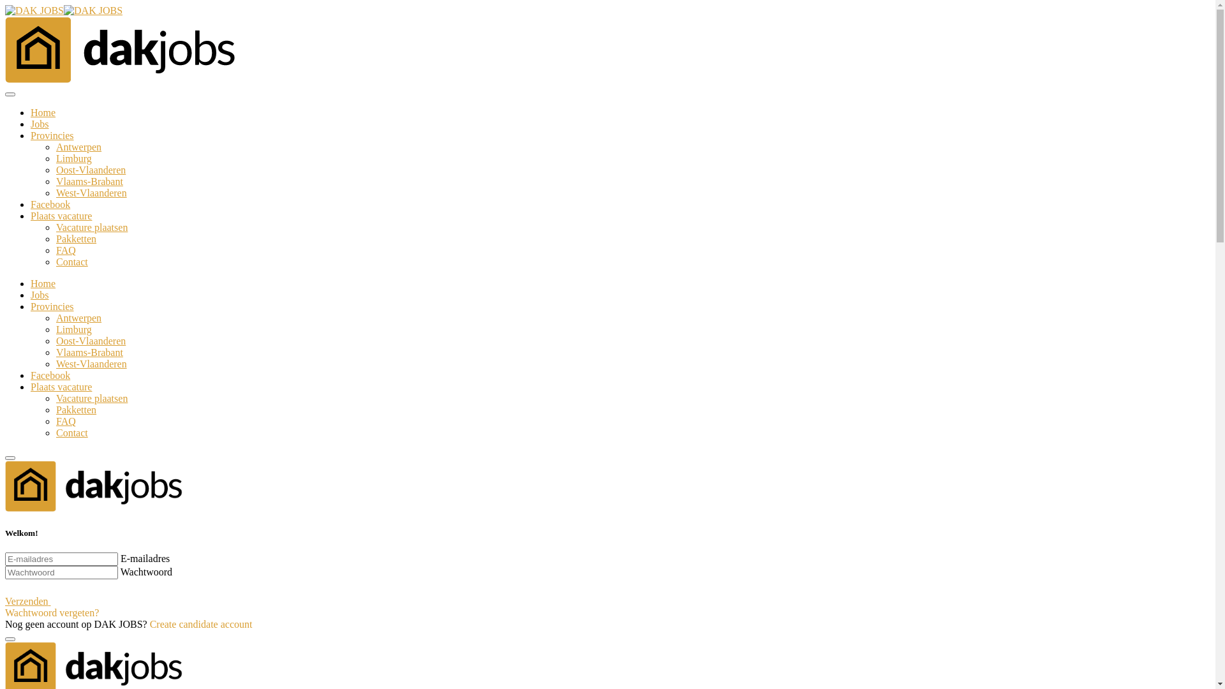 This screenshot has width=1225, height=689. Describe the element at coordinates (89, 181) in the screenshot. I see `'Vlaams-Brabant'` at that location.